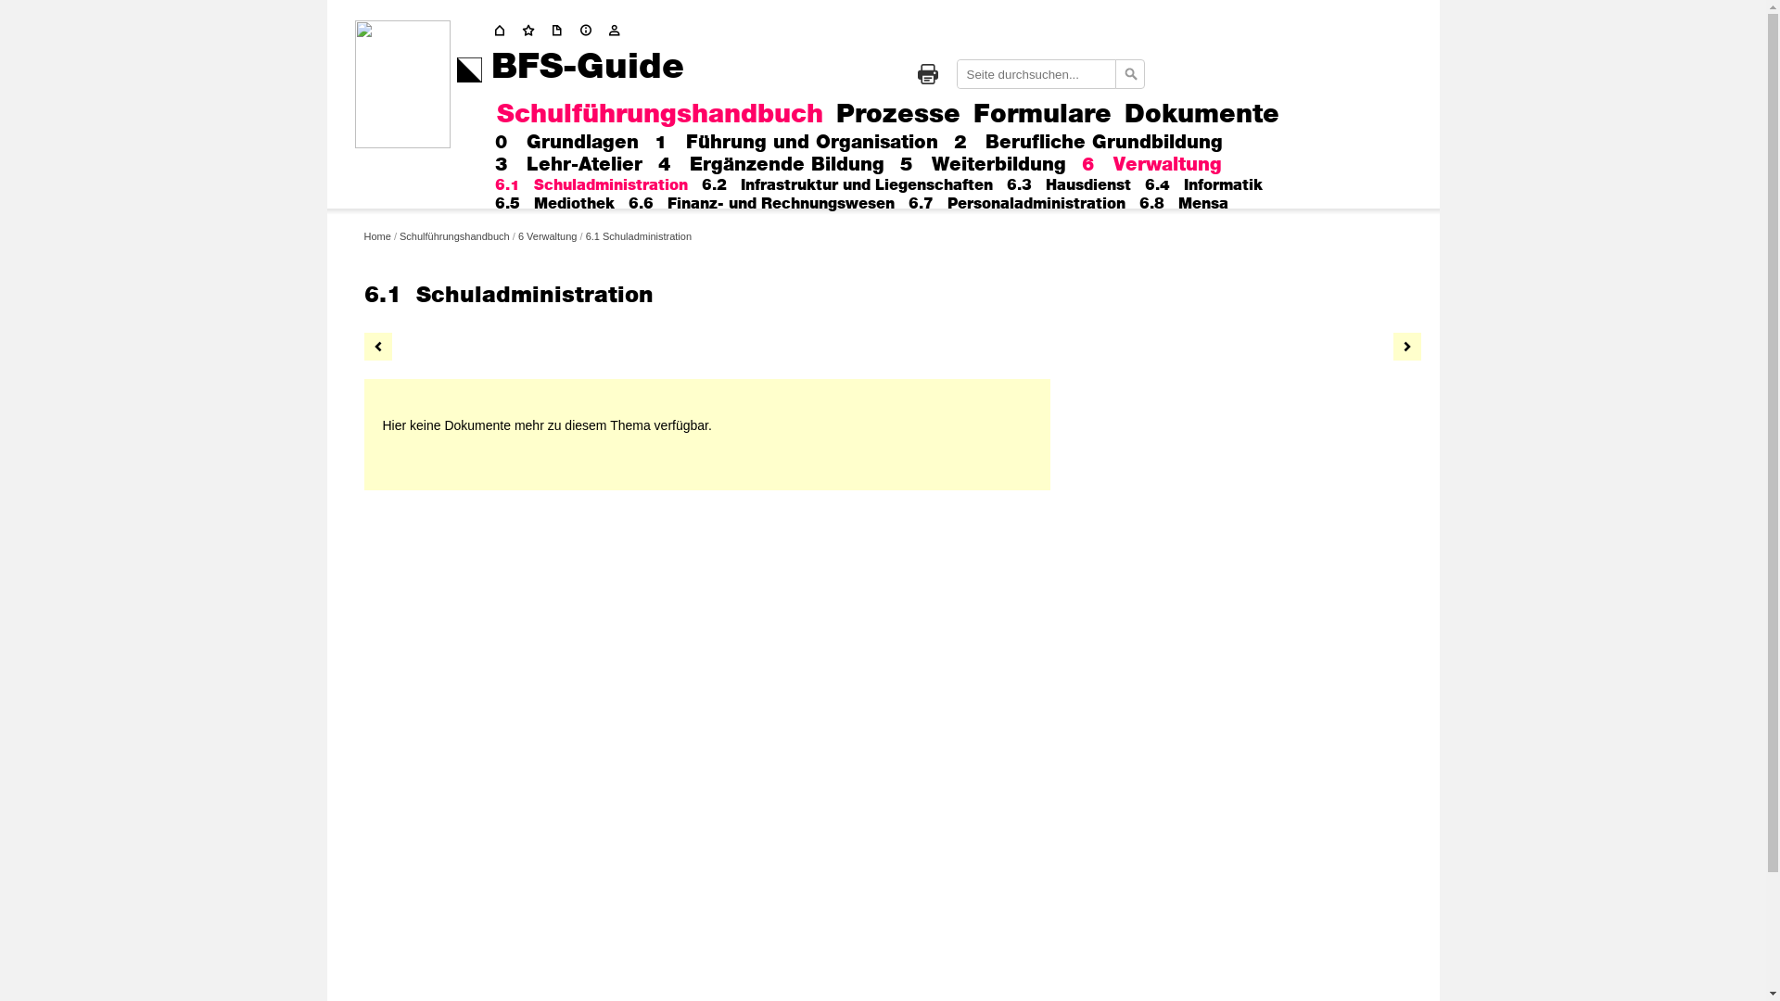 The width and height of the screenshot is (1780, 1001). Describe the element at coordinates (928, 73) in the screenshot. I see `'Drucken'` at that location.